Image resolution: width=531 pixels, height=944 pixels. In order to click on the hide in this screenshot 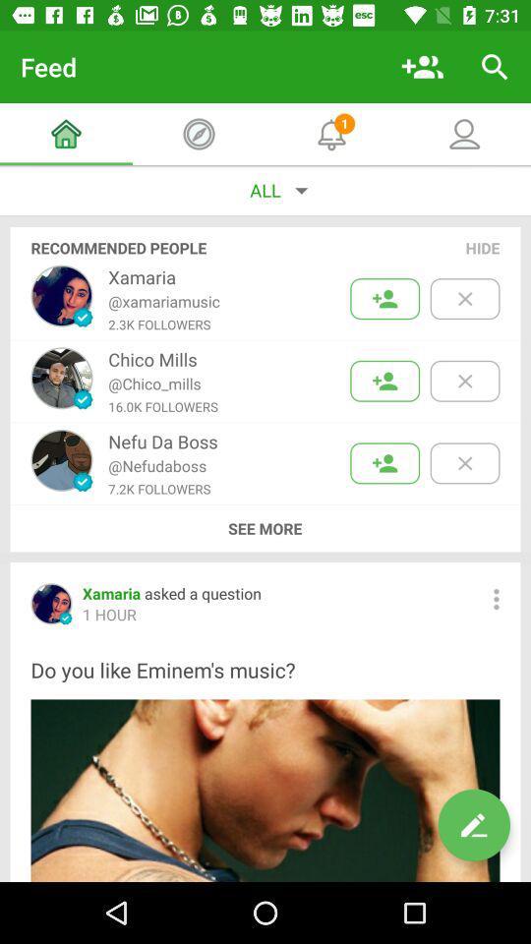, I will do `click(482, 247)`.